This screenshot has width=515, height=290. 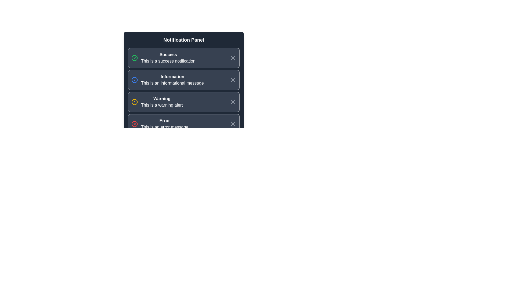 What do you see at coordinates (172, 80) in the screenshot?
I see `informational notification text content located as the second item in the notification list, situated between a 'Success' notification and a 'Warning' notification in the Notification Panel` at bounding box center [172, 80].